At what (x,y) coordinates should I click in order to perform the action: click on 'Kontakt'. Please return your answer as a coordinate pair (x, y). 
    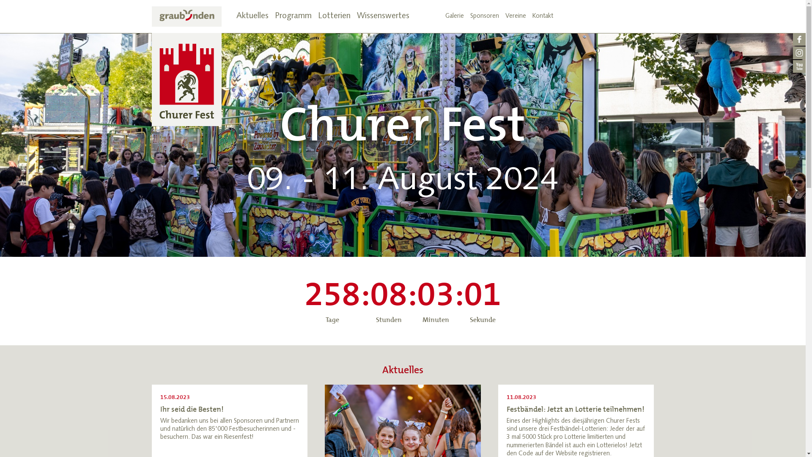
    Looking at the image, I should click on (542, 16).